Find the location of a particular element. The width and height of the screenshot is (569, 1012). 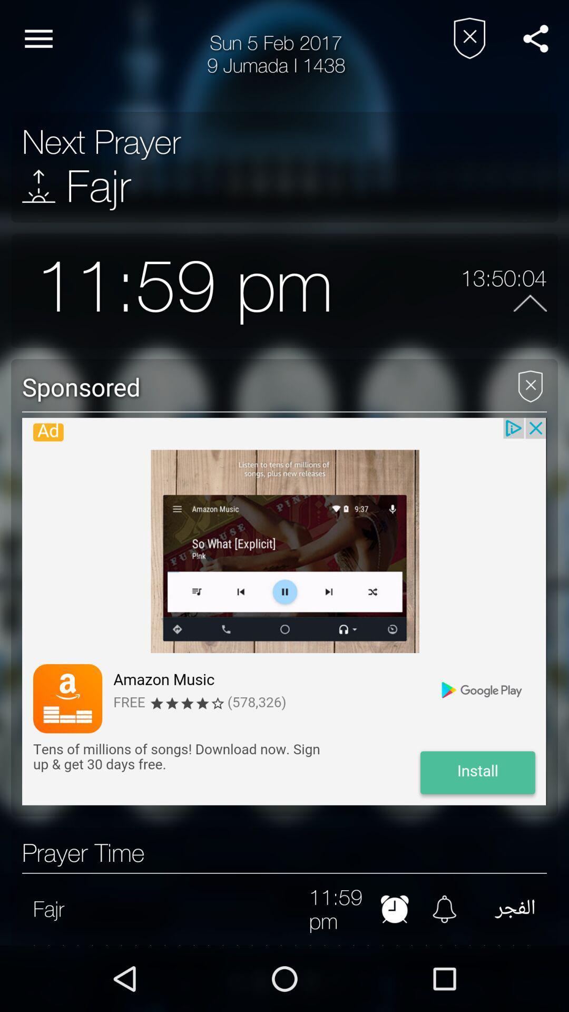

prayer time item is located at coordinates (83, 853).